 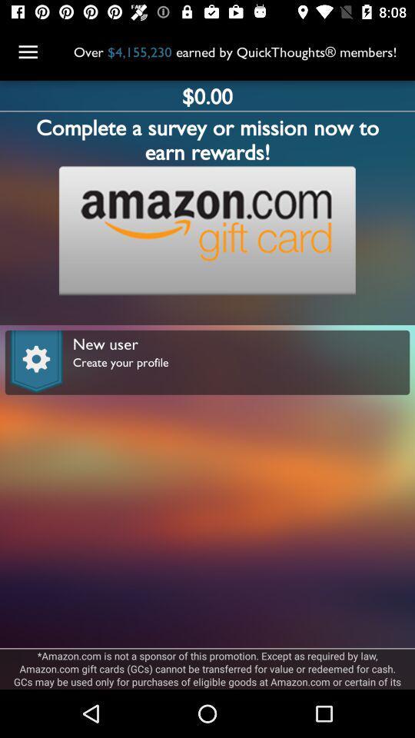 I want to click on amazon com is, so click(x=207, y=668).